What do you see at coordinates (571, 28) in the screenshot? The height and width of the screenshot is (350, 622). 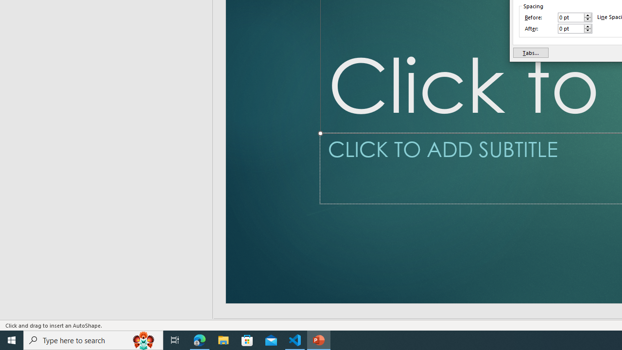 I see `'After'` at bounding box center [571, 28].